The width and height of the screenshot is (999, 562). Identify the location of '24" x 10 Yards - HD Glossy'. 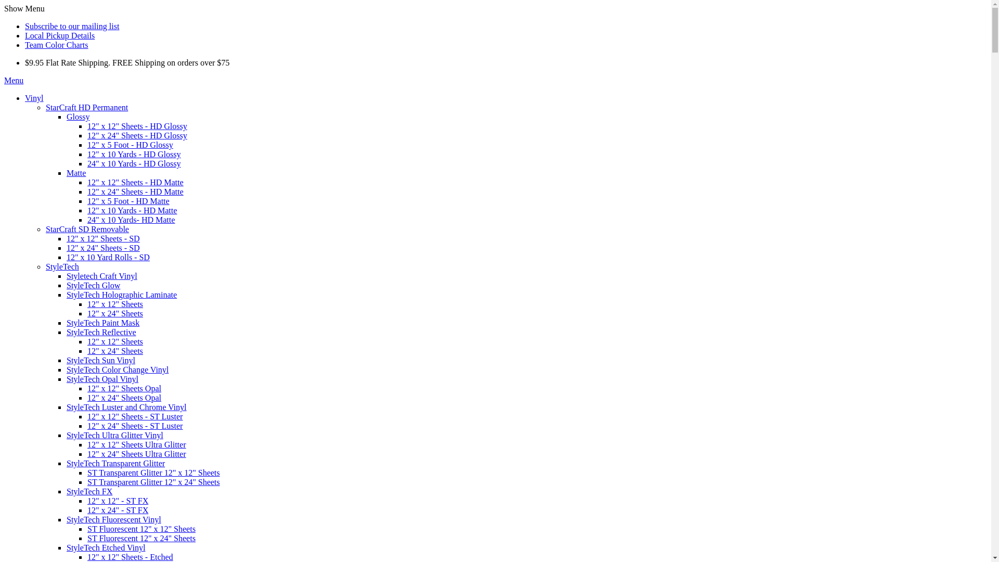
(133, 163).